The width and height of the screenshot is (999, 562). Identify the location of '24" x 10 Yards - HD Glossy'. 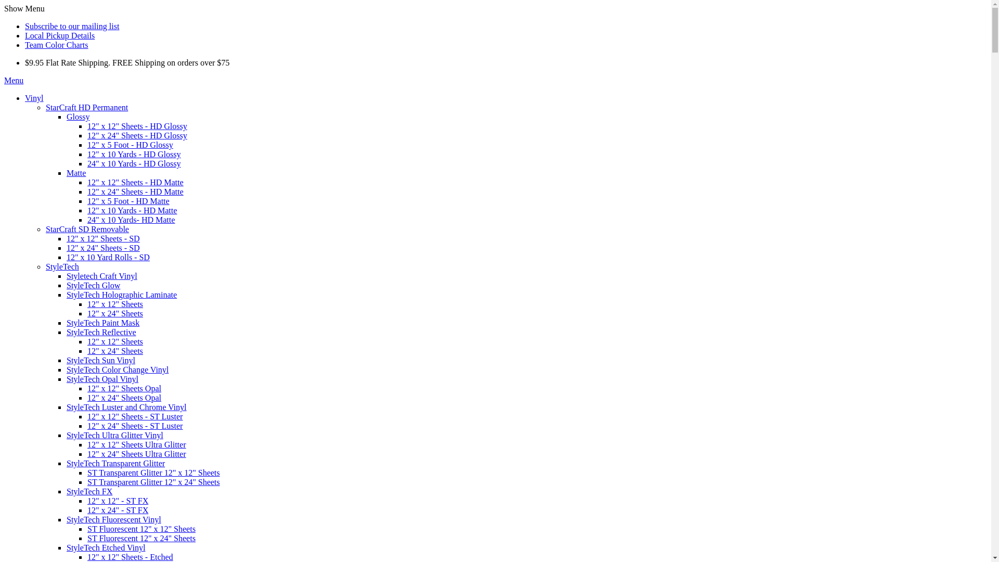
(133, 163).